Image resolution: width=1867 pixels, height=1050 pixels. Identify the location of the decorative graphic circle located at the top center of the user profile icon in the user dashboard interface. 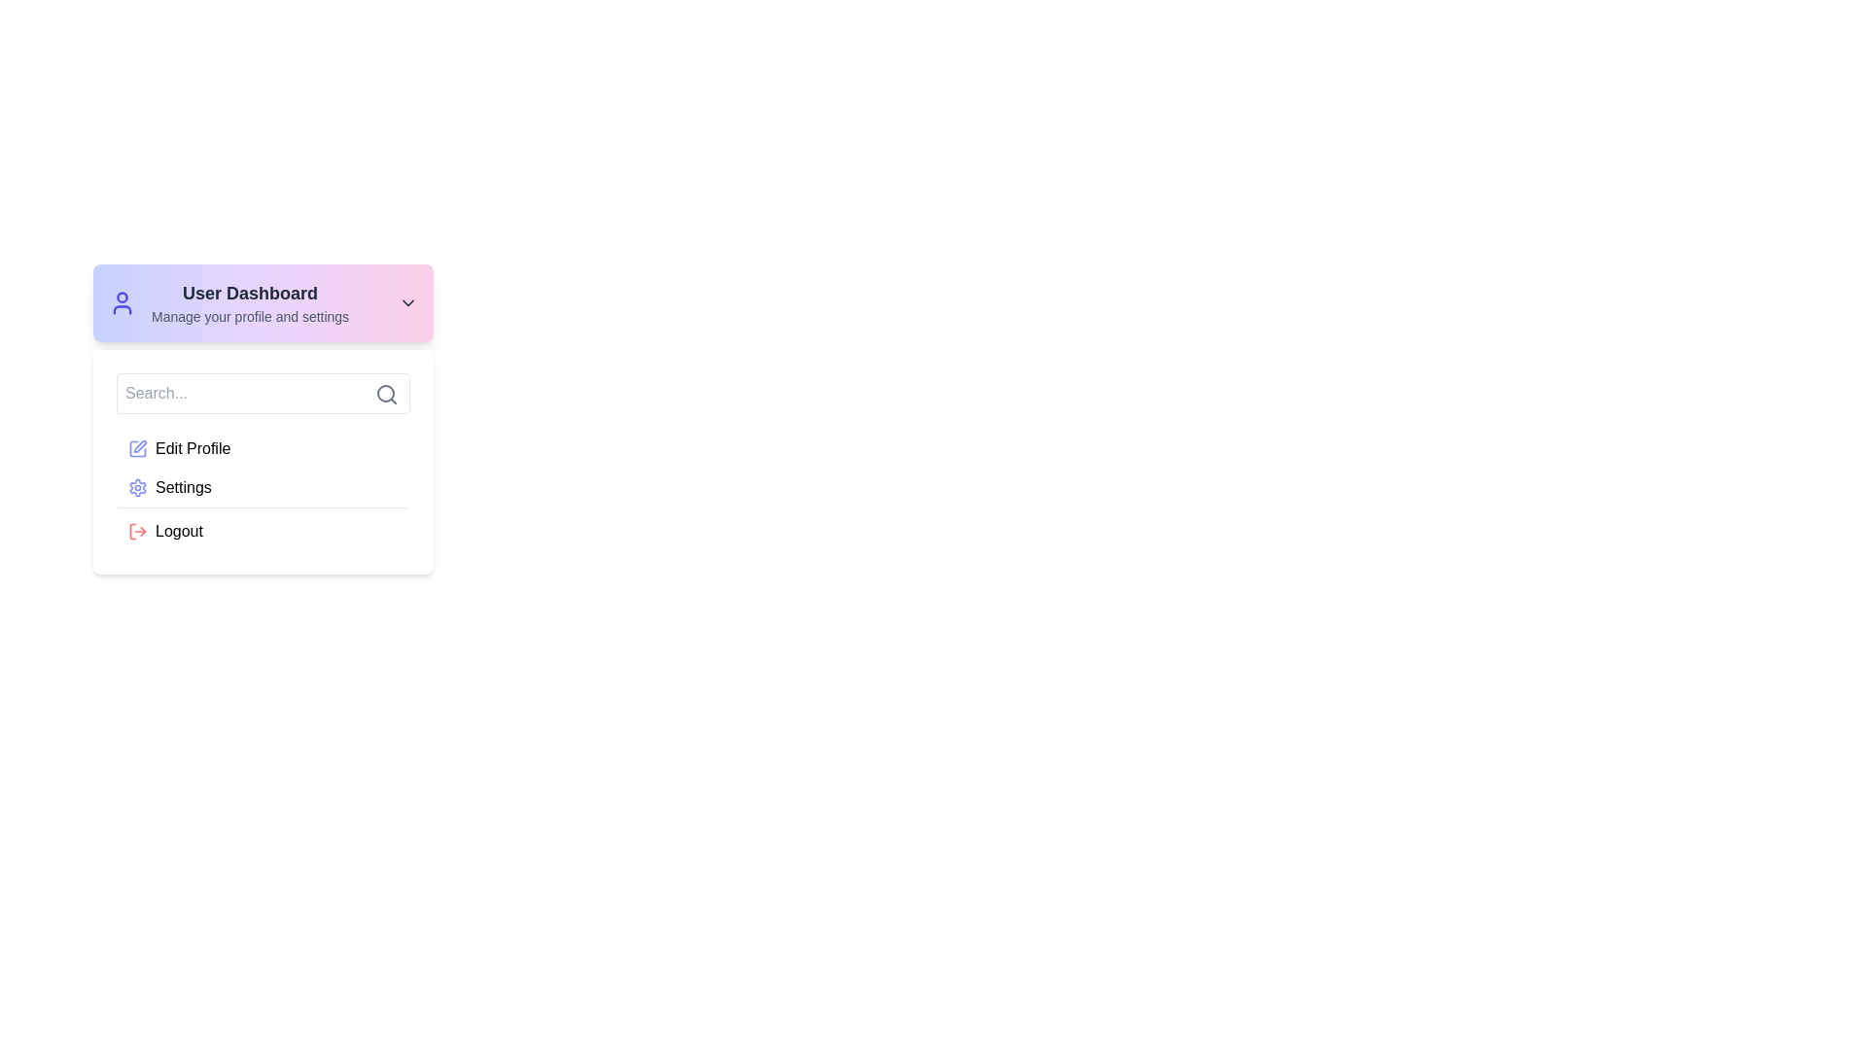
(121, 297).